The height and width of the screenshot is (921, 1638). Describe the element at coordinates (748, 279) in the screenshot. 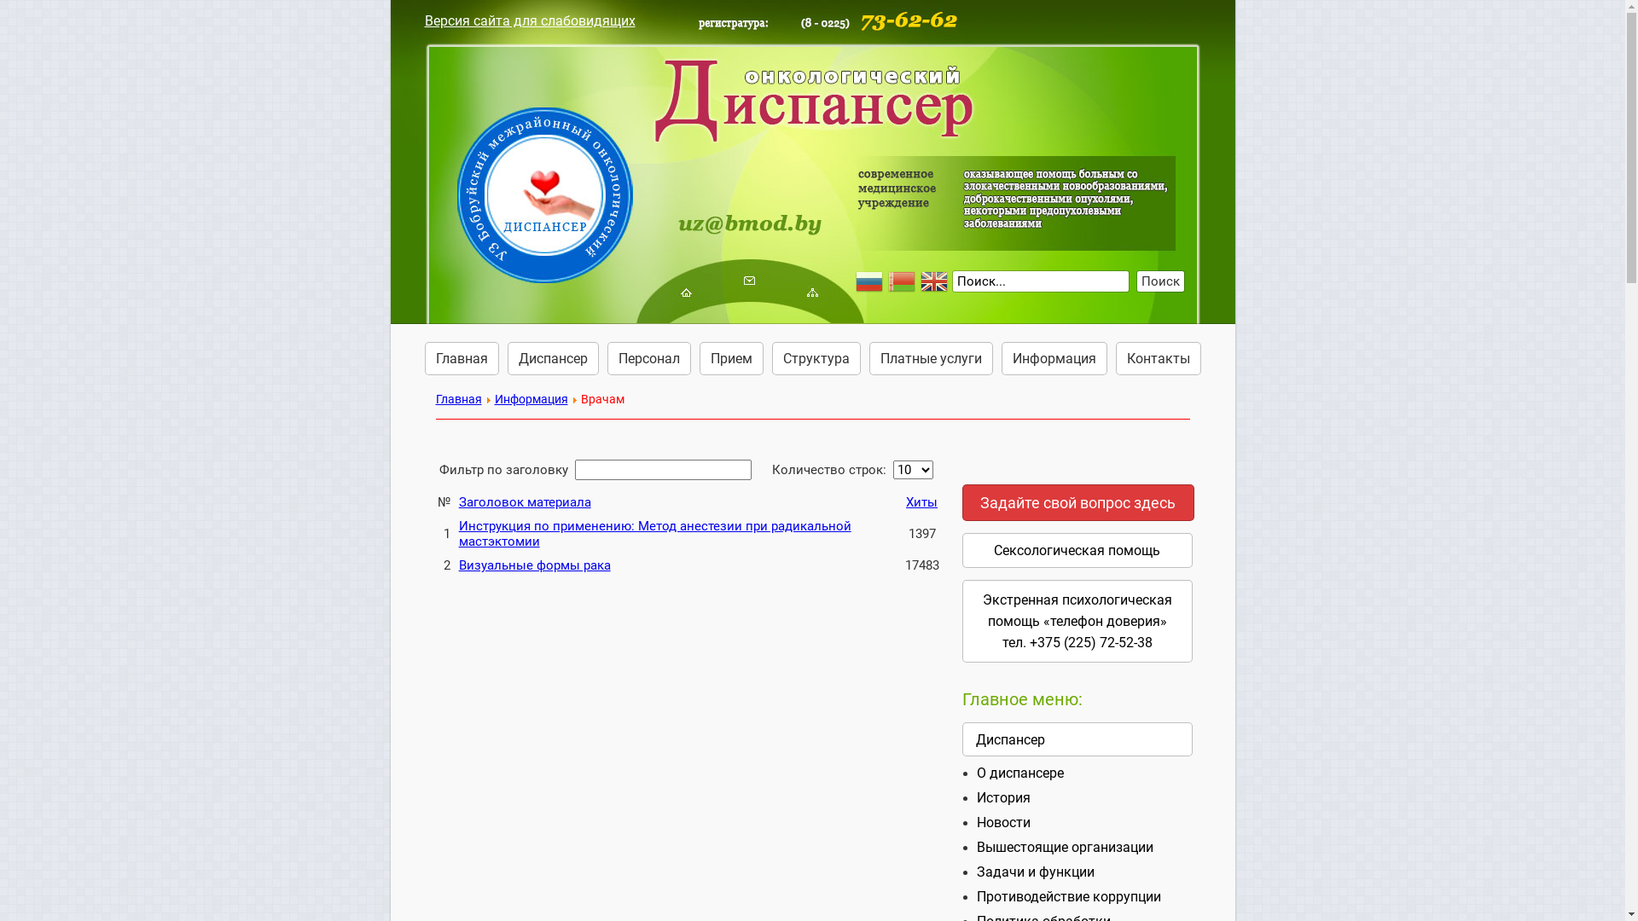

I see `' '` at that location.